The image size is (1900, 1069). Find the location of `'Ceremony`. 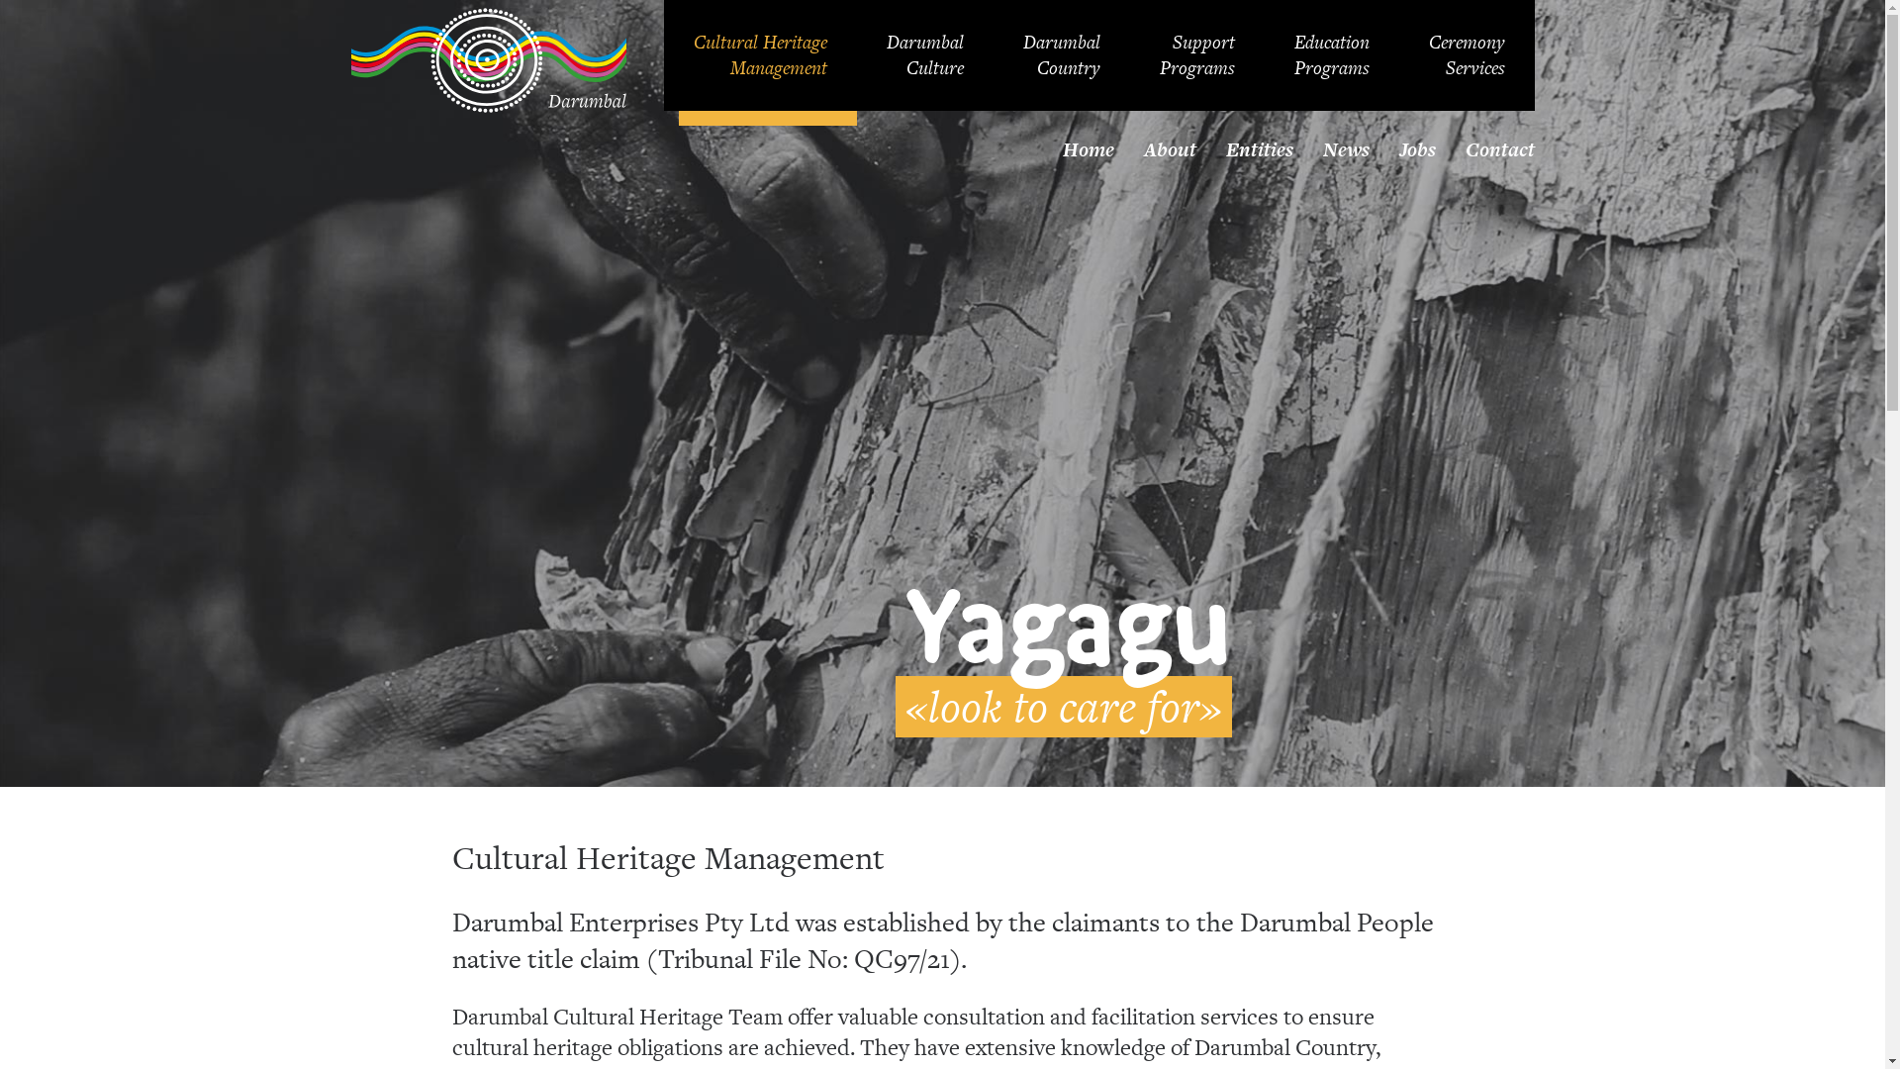

'Ceremony is located at coordinates (1398, 54).